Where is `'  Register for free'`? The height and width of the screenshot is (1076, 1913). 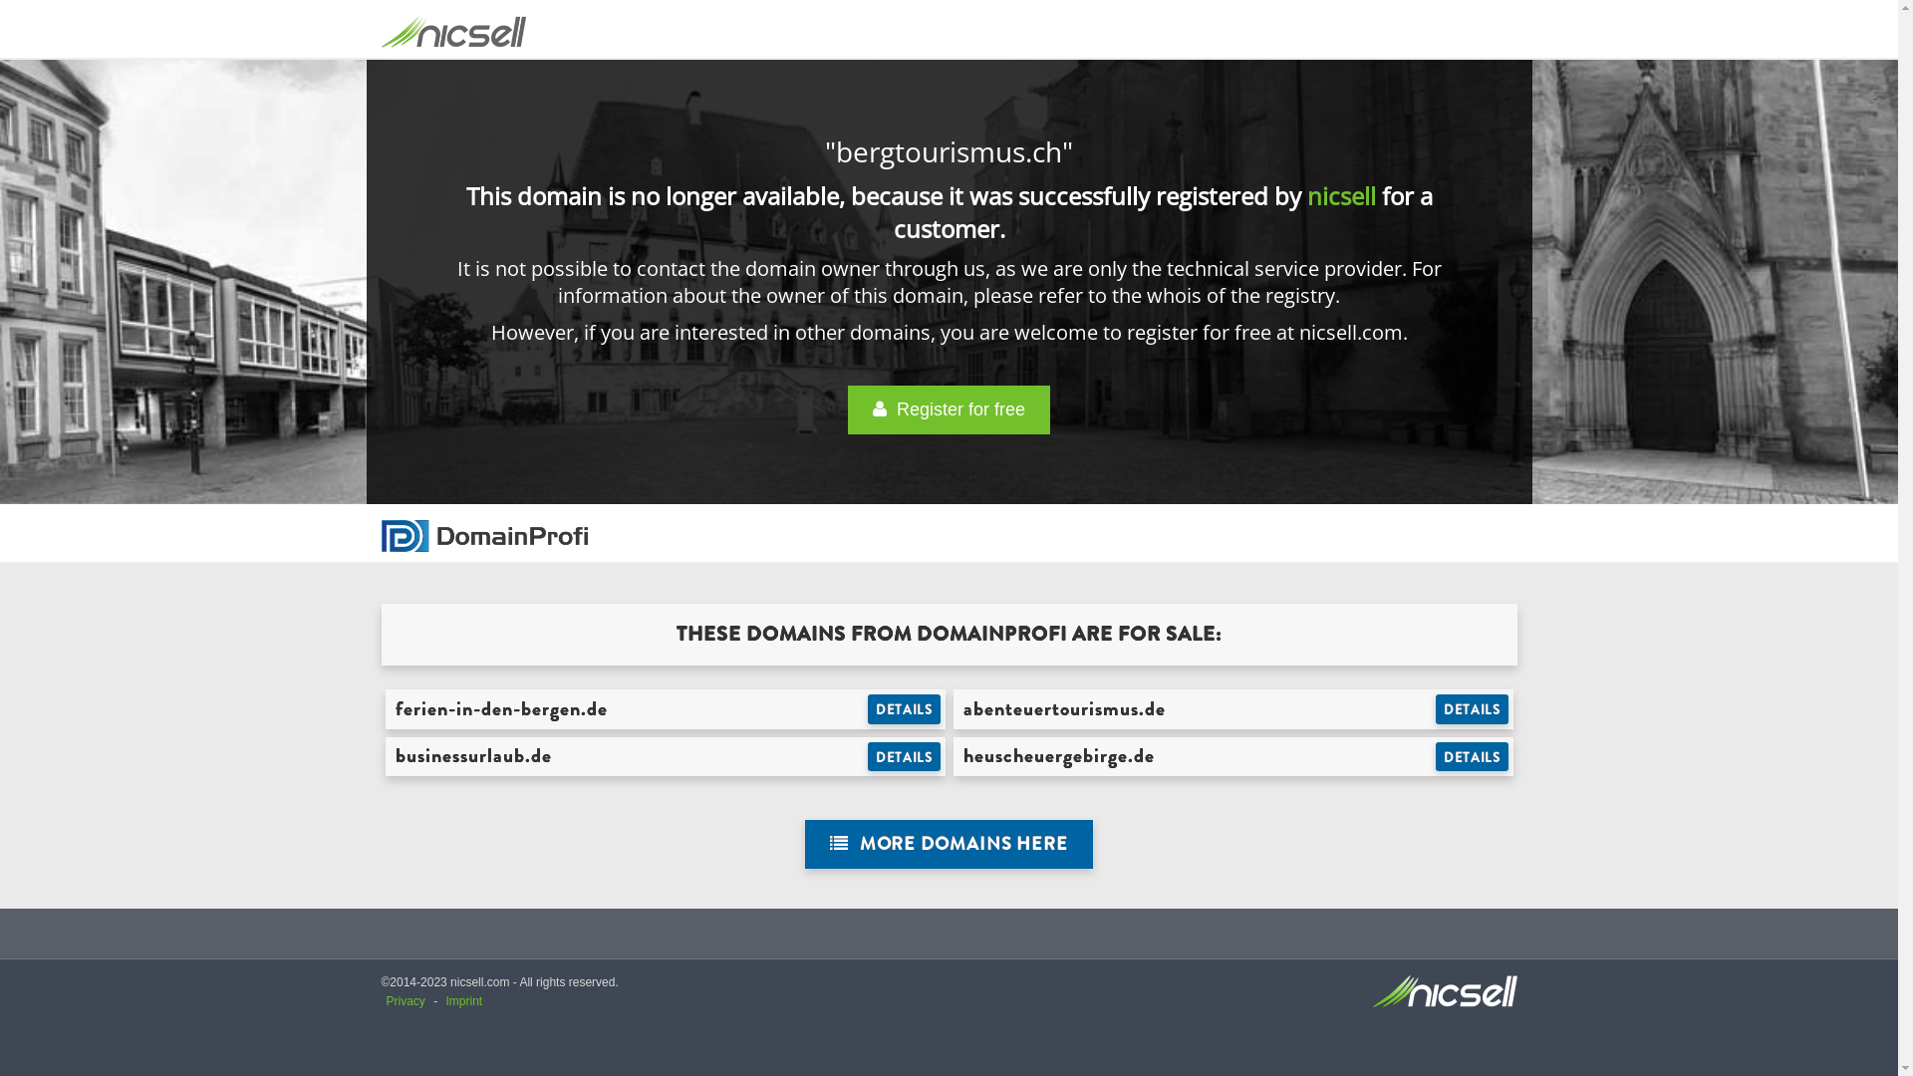
'  Register for free' is located at coordinates (948, 408).